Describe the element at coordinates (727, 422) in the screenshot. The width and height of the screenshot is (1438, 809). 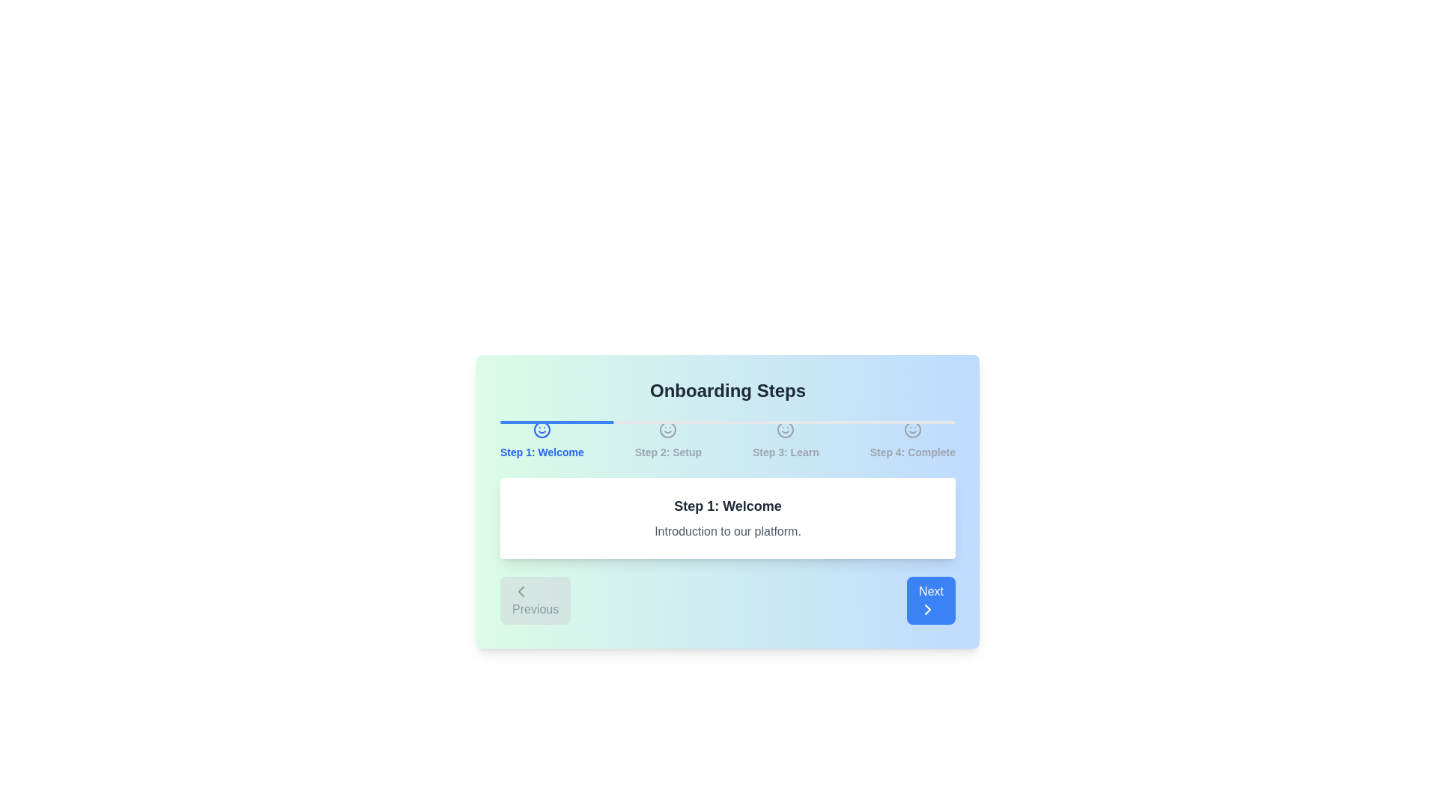
I see `the progress bar background located at the top part of the onboarding steps interface, which serves as a visual cue for the user to assess the progression state` at that location.